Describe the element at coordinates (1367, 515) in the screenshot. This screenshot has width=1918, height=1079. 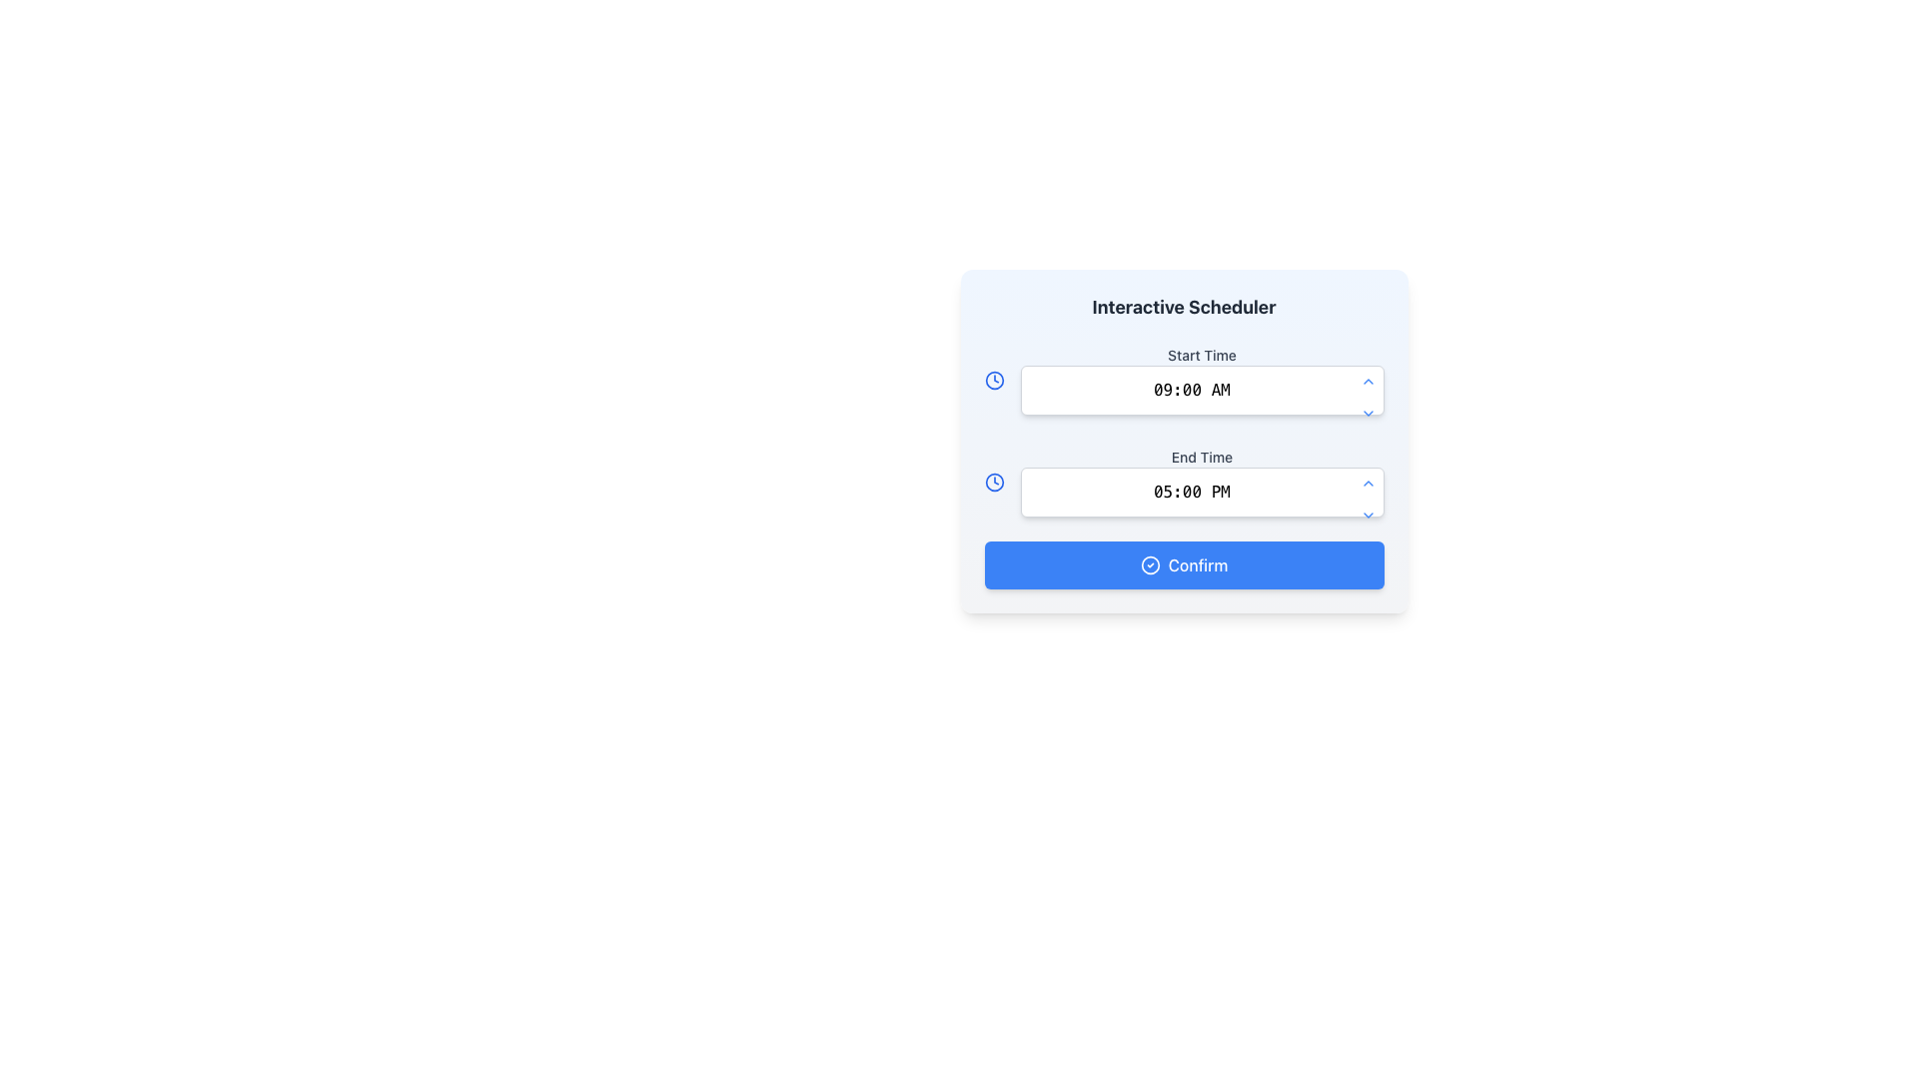
I see `the Dropdown toggle button with a downward chevron icon located at the bottom section of the controls, right-aligned with the 'End Time' text field` at that location.